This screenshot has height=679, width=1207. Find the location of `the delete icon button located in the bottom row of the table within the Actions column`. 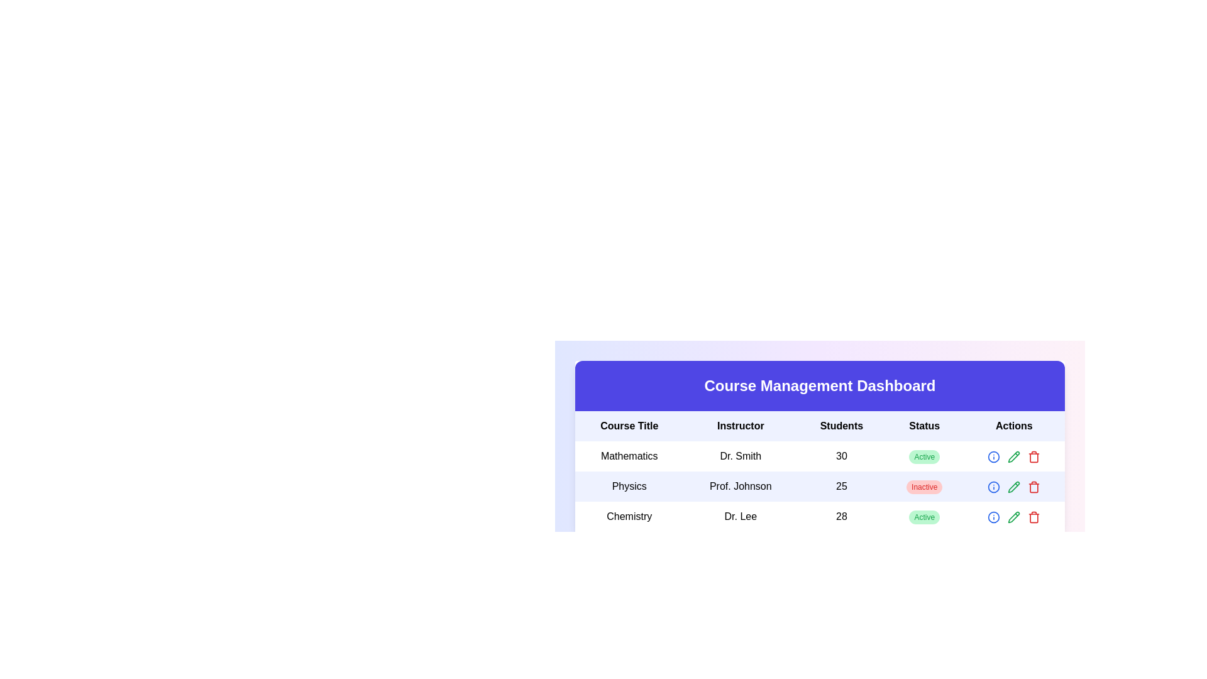

the delete icon button located in the bottom row of the table within the Actions column is located at coordinates (1034, 456).